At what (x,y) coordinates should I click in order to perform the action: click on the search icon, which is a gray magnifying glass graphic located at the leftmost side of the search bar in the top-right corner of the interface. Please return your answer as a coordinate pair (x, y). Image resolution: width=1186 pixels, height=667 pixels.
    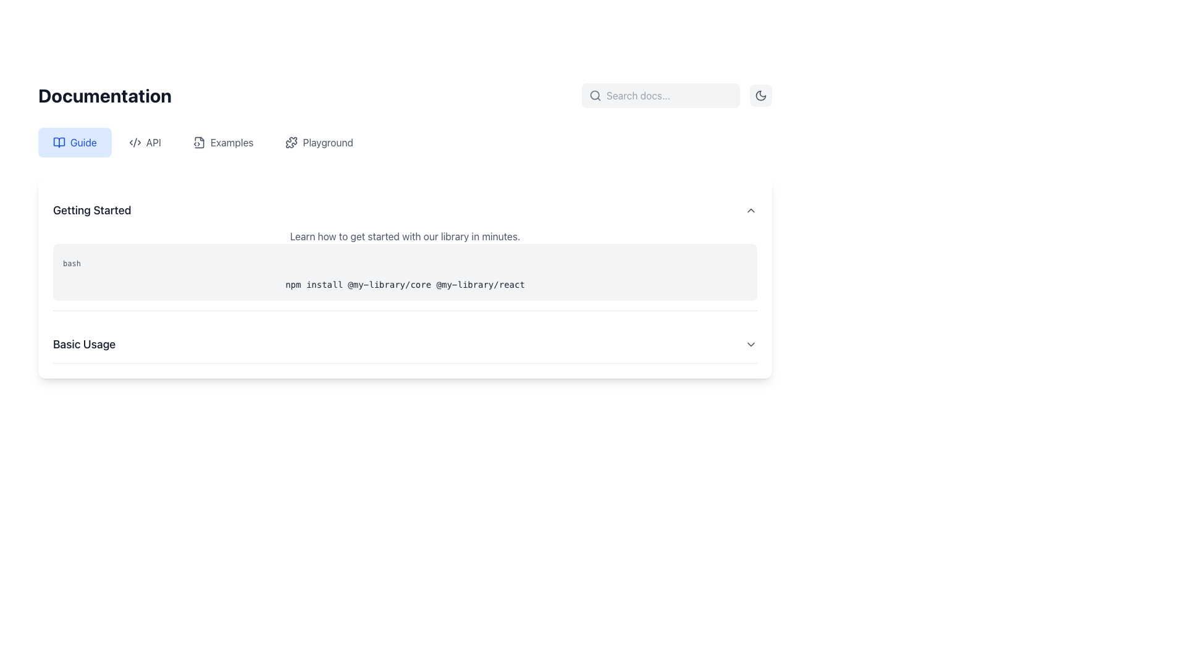
    Looking at the image, I should click on (595, 94).